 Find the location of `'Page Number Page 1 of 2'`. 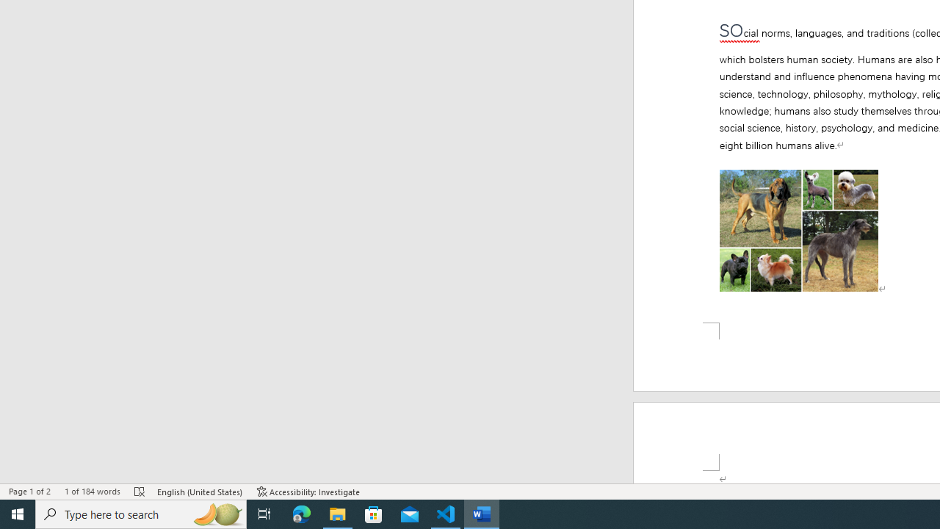

'Page Number Page 1 of 2' is located at coordinates (29, 492).